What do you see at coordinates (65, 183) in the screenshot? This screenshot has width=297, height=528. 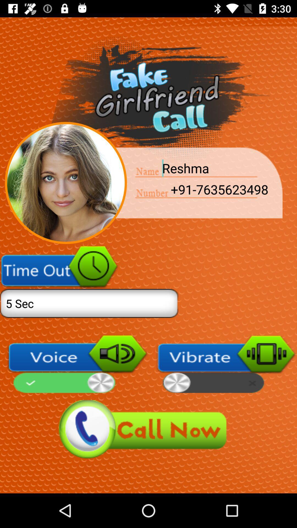 I see `profile picture` at bounding box center [65, 183].